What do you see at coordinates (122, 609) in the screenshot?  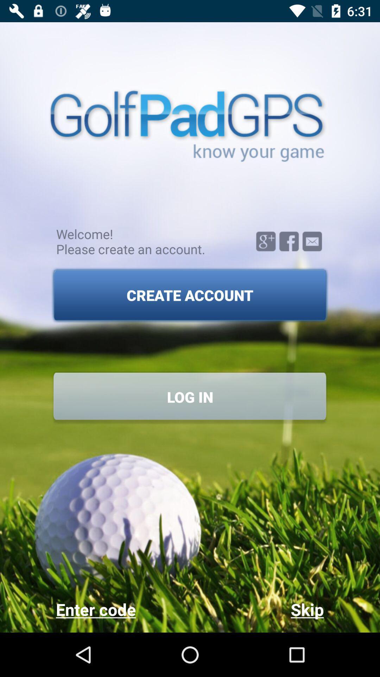 I see `enter code icon` at bounding box center [122, 609].